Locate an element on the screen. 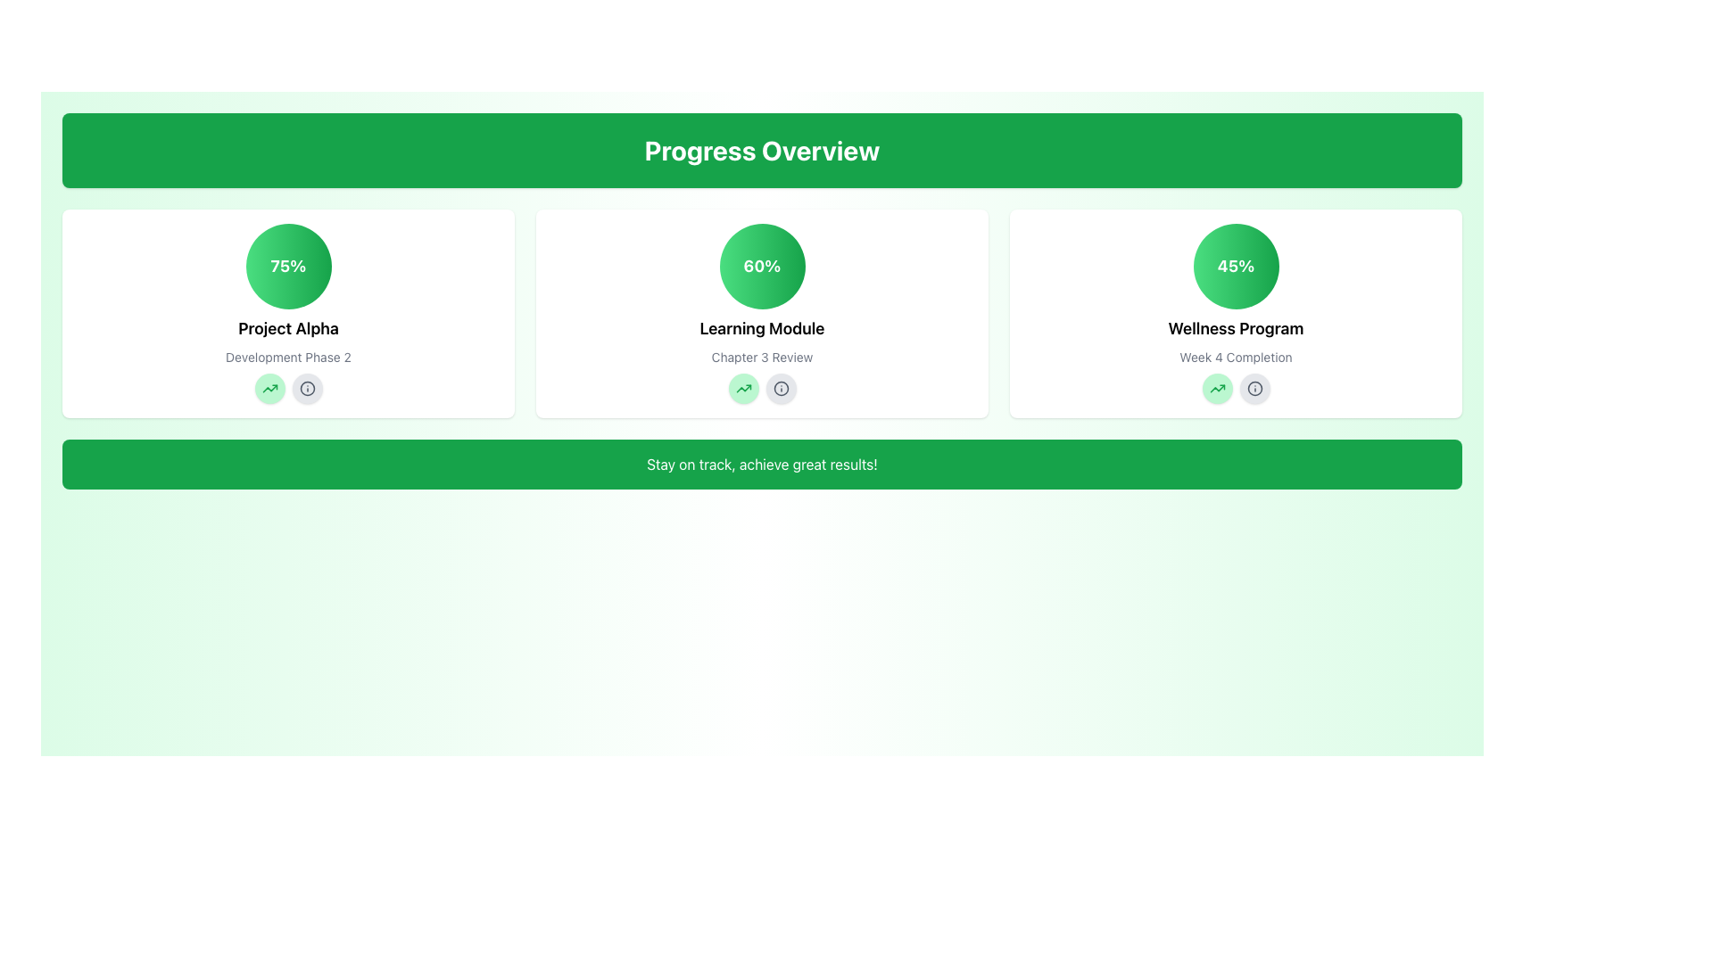 Image resolution: width=1713 pixels, height=963 pixels. the actionable button in the leftmost card of the 'Progress Overview' section, located below the '75%' percentage circle for 'Project Alpha' and to the left of the gray circular button with an 'i' icon is located at coordinates (269, 387).